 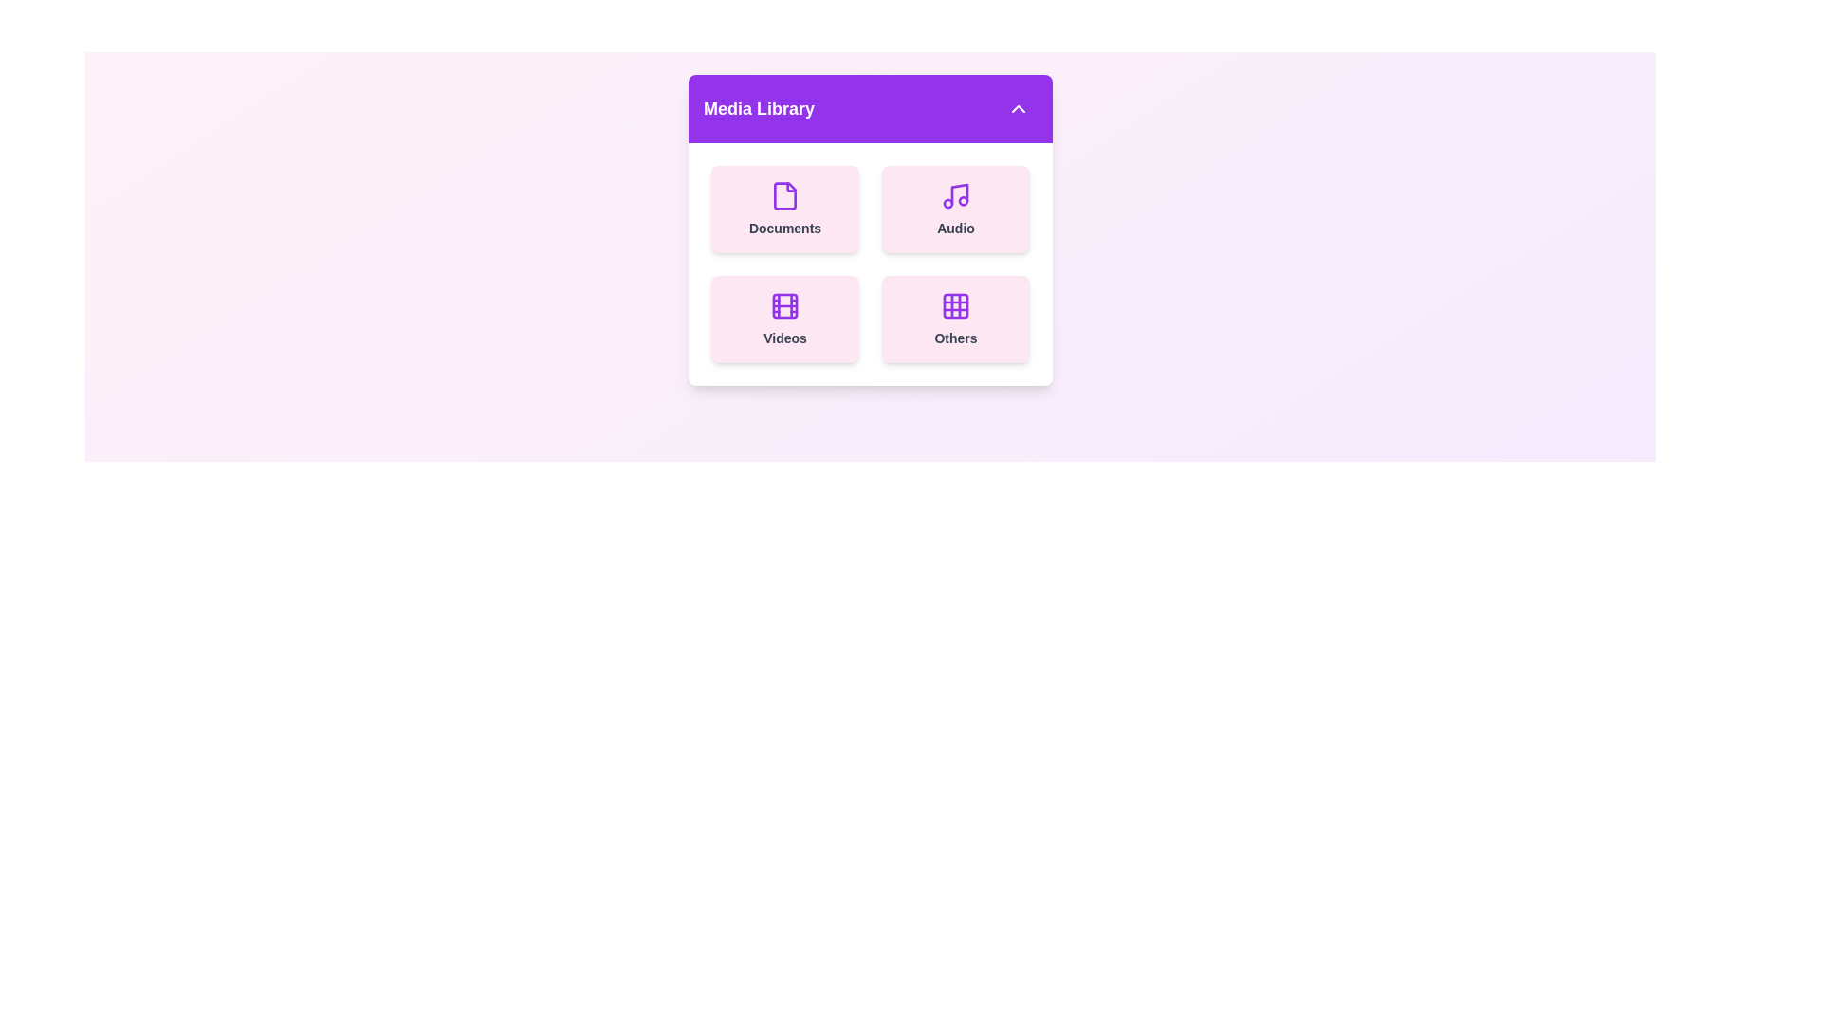 I want to click on the 'Audio' card to select it, so click(x=956, y=209).